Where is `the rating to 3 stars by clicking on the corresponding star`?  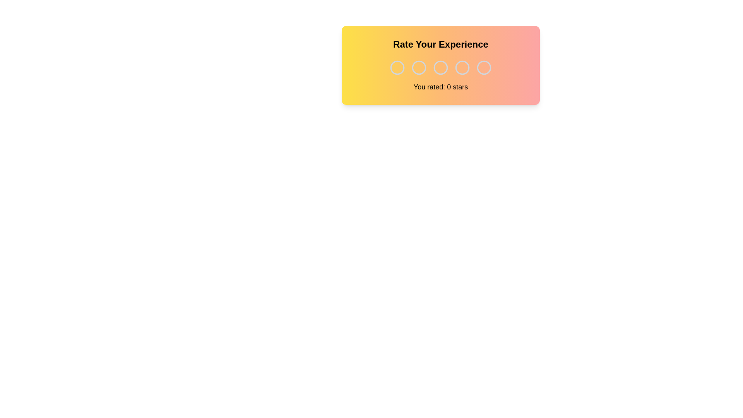
the rating to 3 stars by clicking on the corresponding star is located at coordinates (440, 67).